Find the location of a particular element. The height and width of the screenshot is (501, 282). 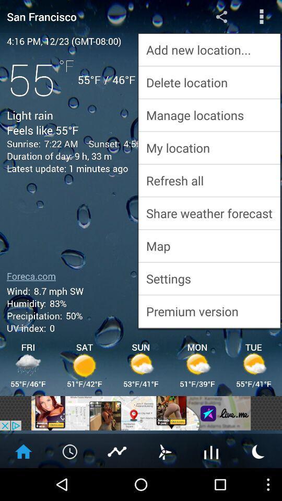

manage locations item is located at coordinates (209, 115).